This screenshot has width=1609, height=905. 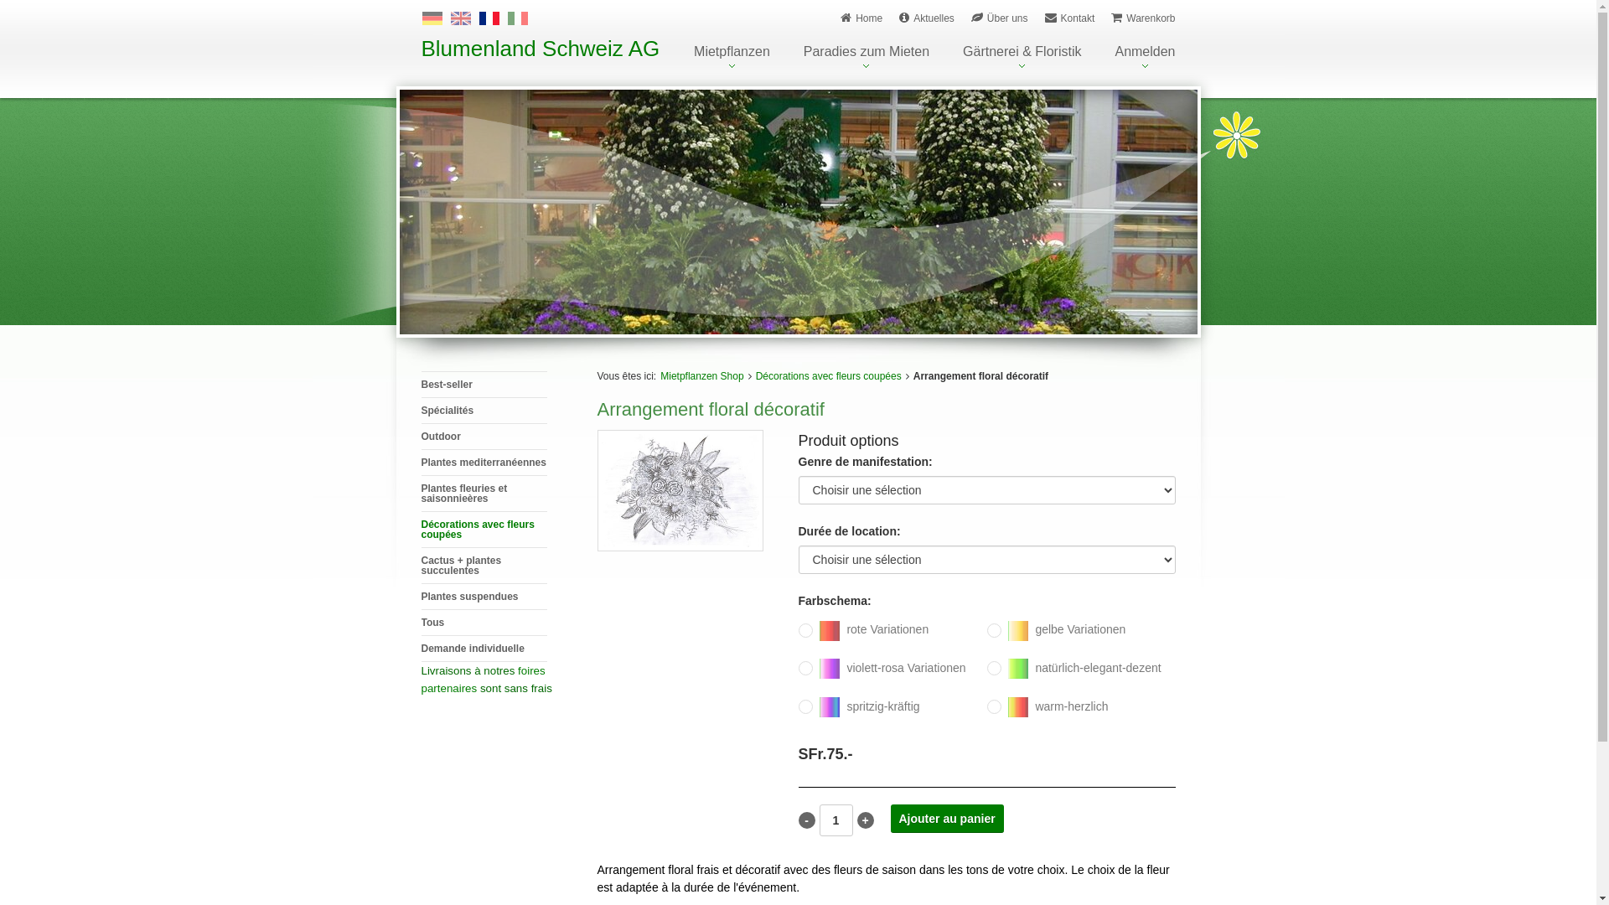 I want to click on 'Mietpflanzen', so click(x=732, y=56).